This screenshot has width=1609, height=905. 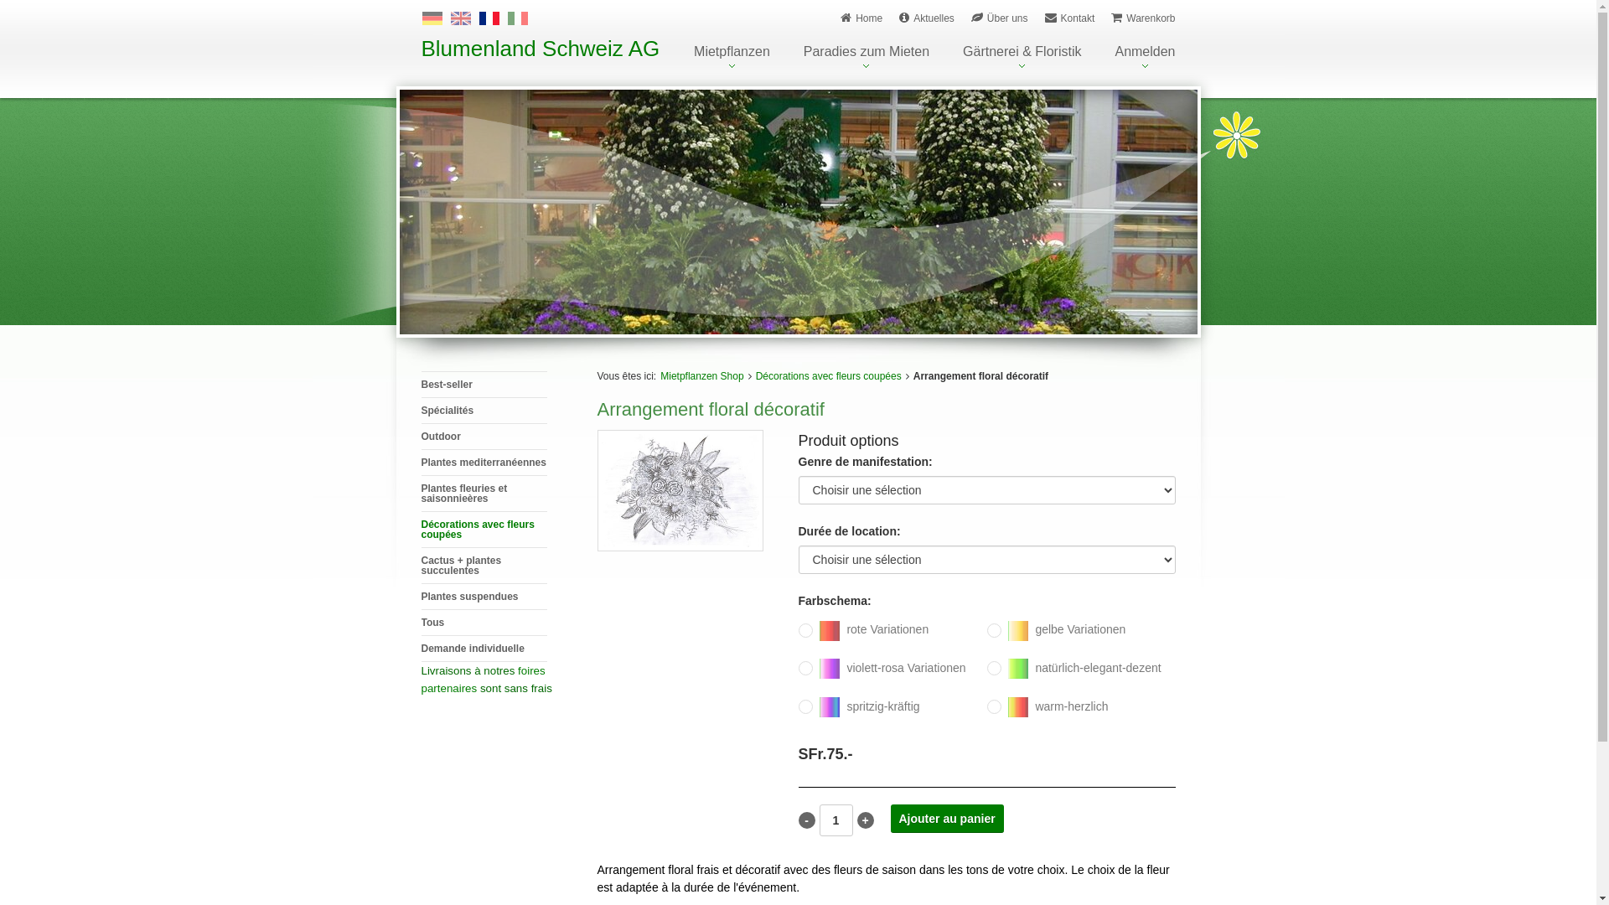 I want to click on 'Mietpflanzen', so click(x=732, y=56).